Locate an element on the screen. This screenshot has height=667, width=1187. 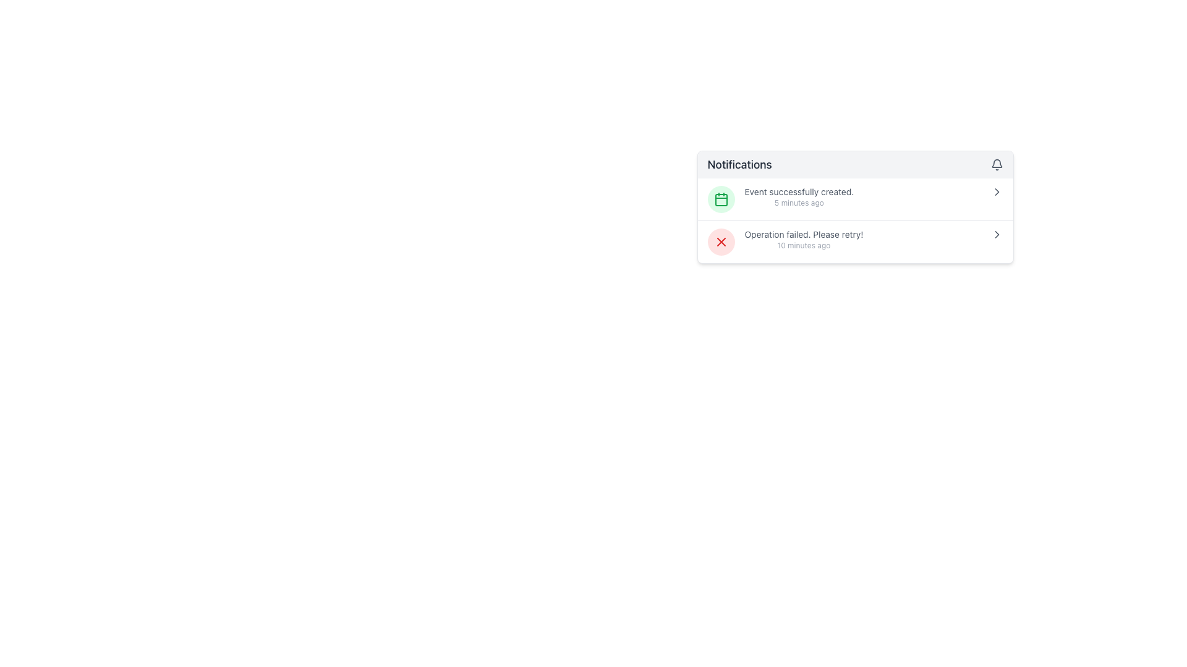
the red error icon located to the left of the notification message 'Operation failed. Please retry!' in the second notification entry of the notifications panel is located at coordinates (721, 242).